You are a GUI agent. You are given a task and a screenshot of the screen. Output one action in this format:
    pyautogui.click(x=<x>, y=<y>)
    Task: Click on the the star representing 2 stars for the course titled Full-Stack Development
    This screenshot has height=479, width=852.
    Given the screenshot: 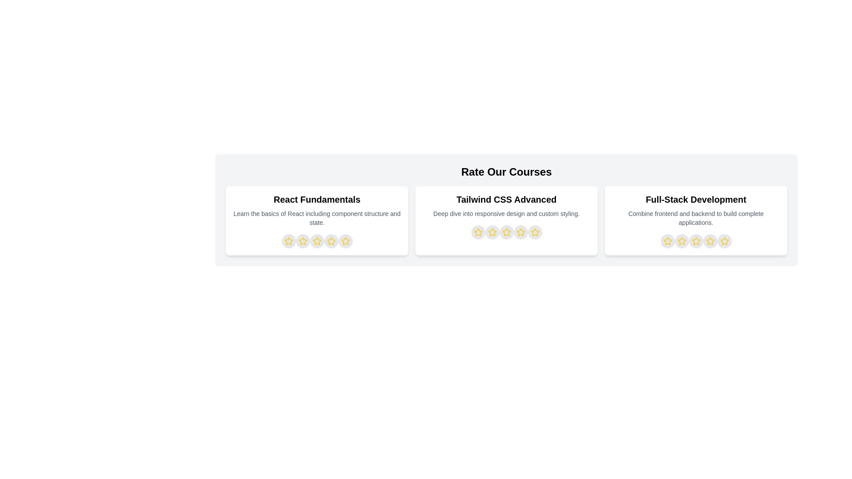 What is the action you would take?
    pyautogui.click(x=681, y=241)
    